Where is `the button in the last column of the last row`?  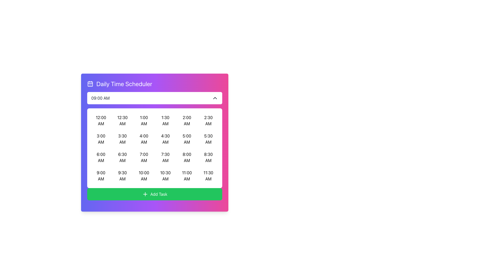 the button in the last column of the last row is located at coordinates (208, 175).